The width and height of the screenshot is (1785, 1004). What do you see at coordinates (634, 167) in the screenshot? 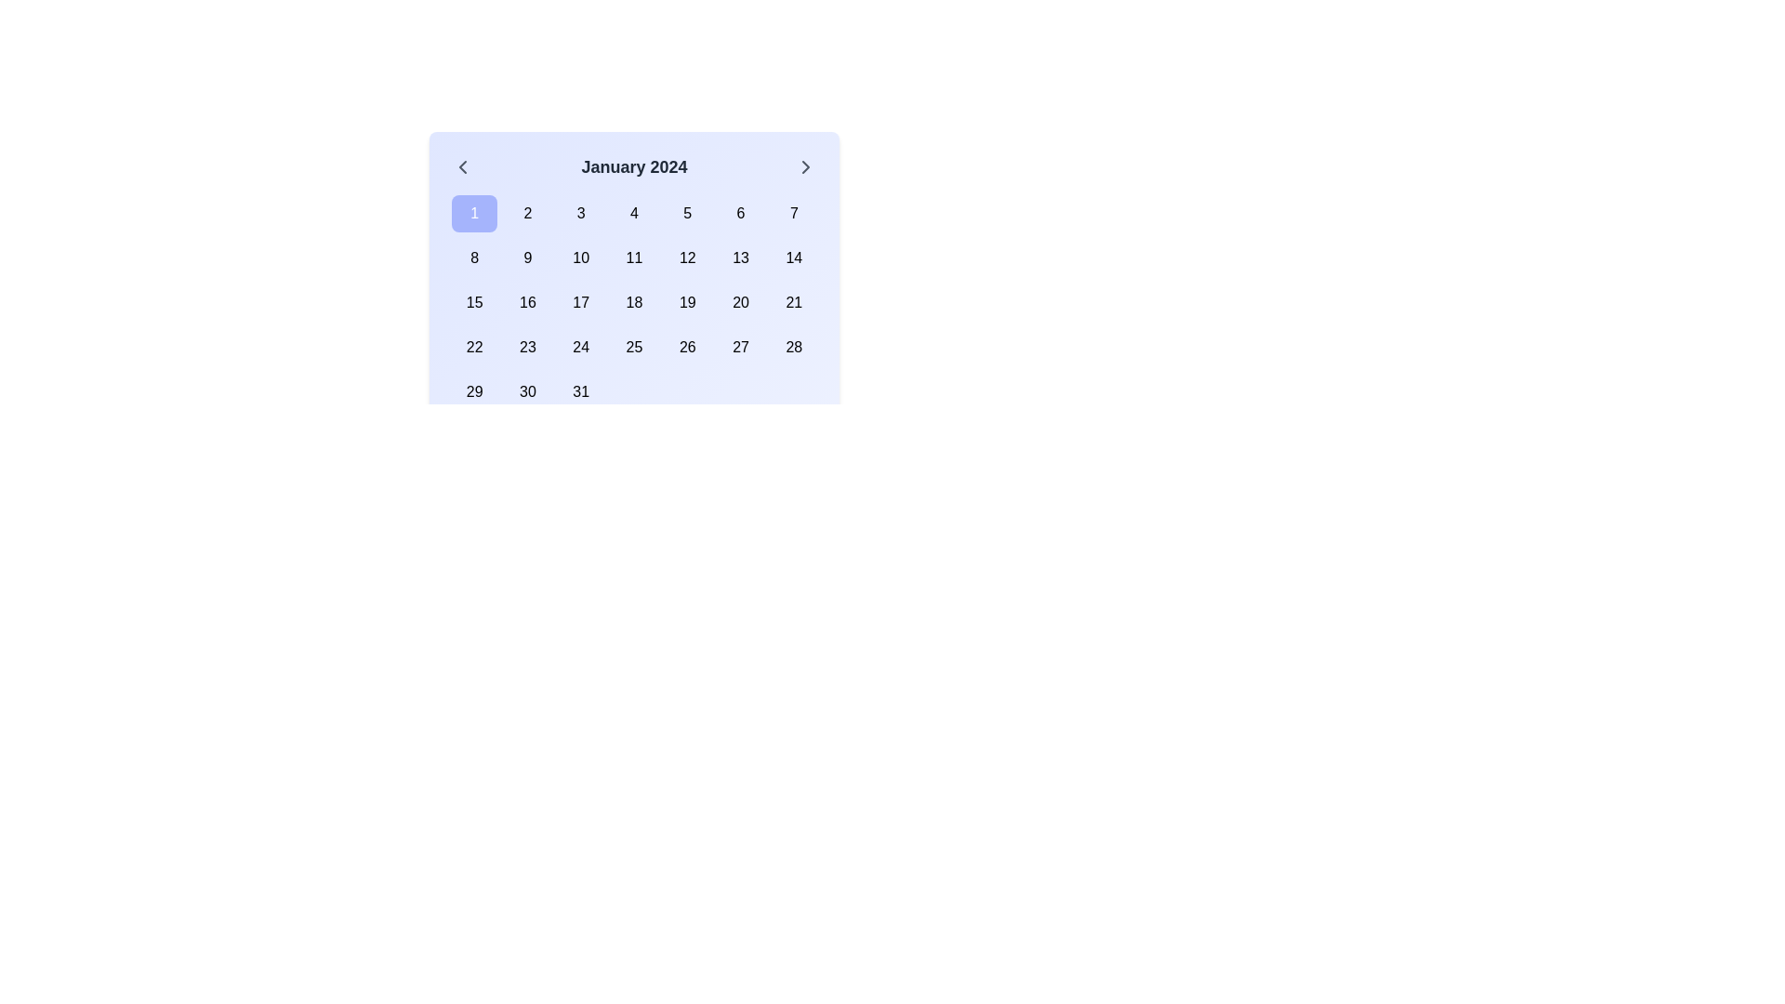
I see `displayed text from the text label that shows the currently selected month and year in the calendar interface, located centrally in the horizontal layout bar at the top, between the navigation arrow icons` at bounding box center [634, 167].